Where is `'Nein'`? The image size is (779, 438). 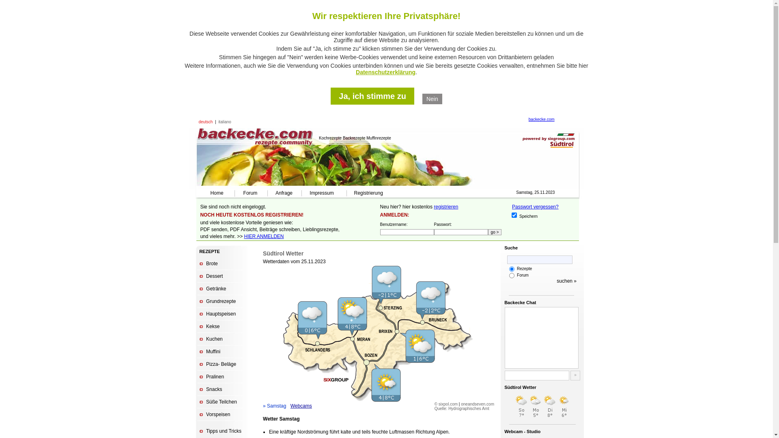 'Nein' is located at coordinates (432, 98).